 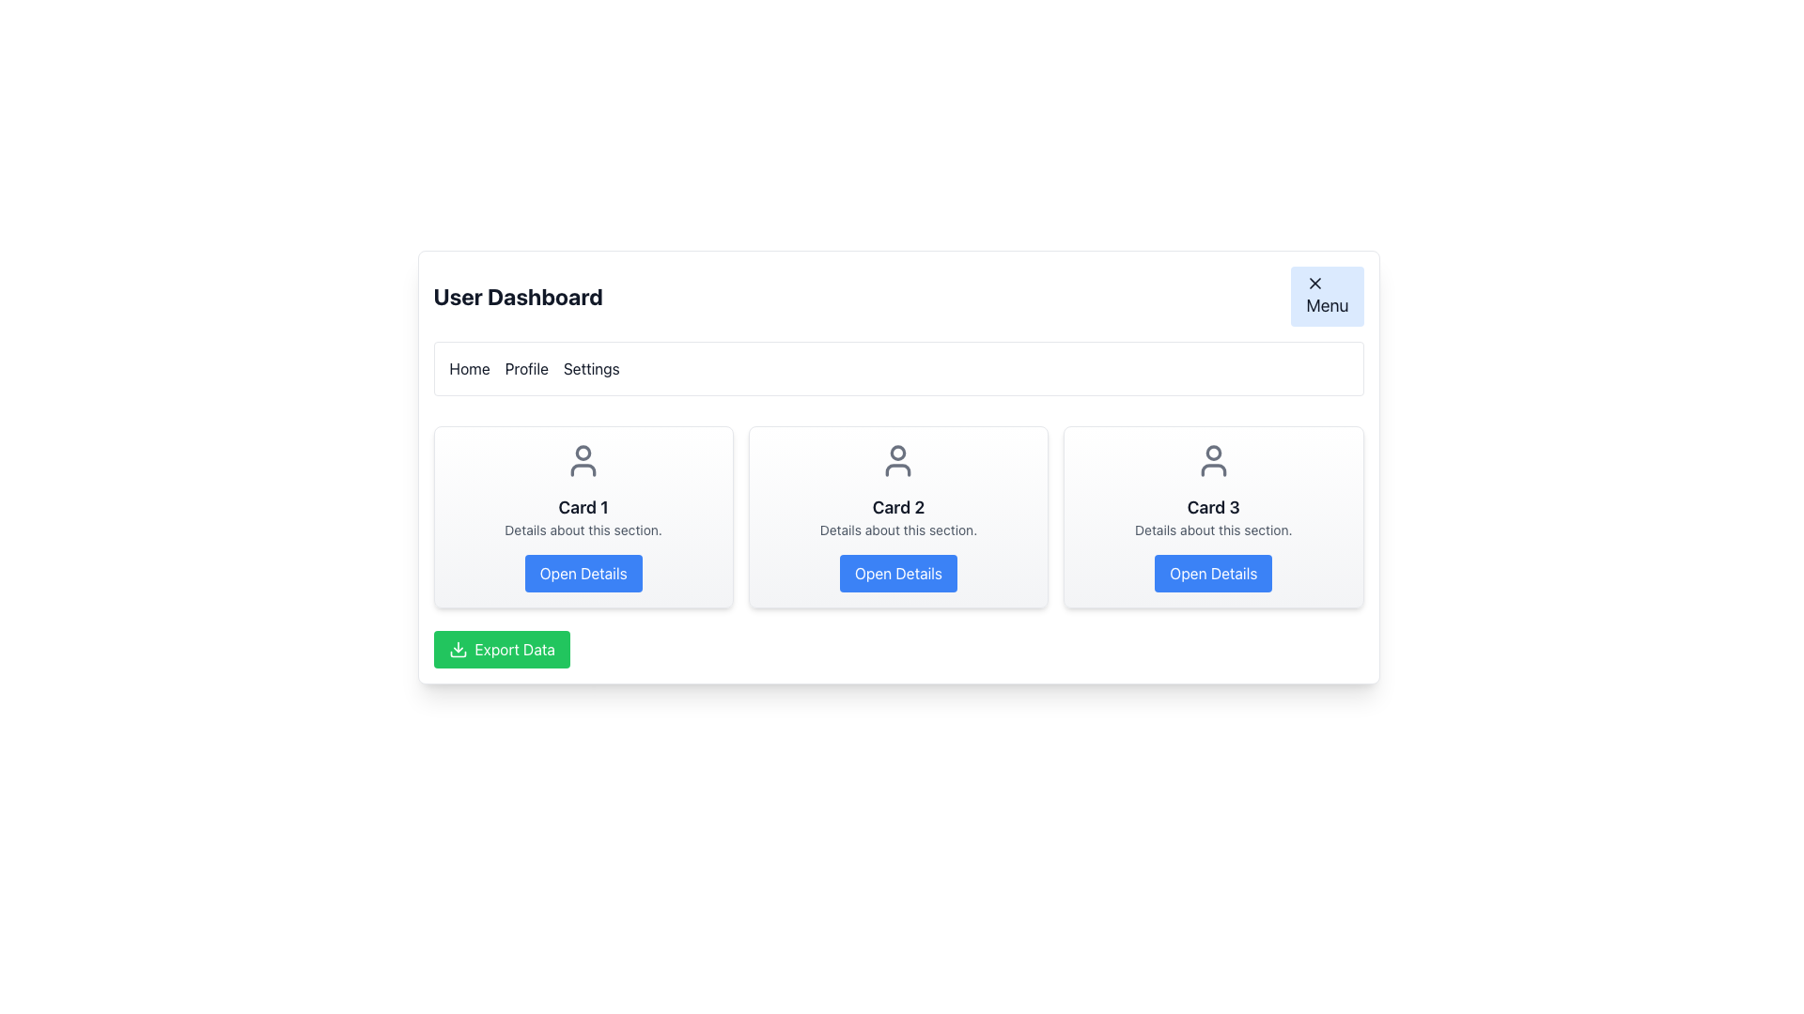 I want to click on text label that serves as the title for the third card in a set of three, positioned centrally within the card above the details section, so click(x=1213, y=507).